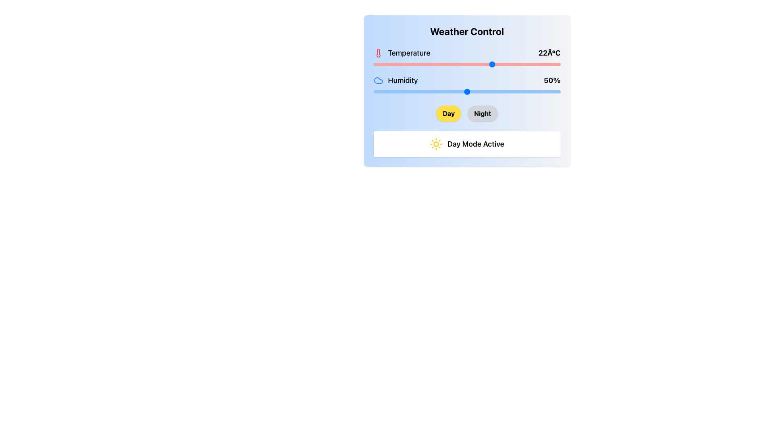 Image resolution: width=774 pixels, height=435 pixels. I want to click on the humidity level, so click(411, 91).